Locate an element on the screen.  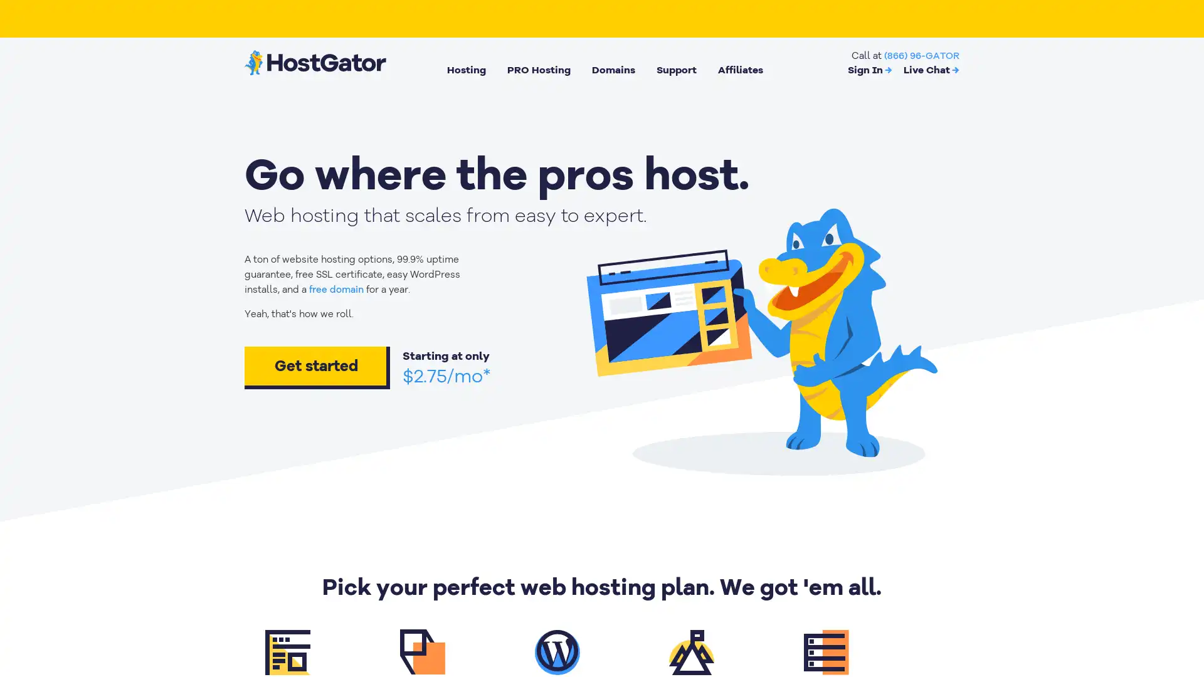
Got It is located at coordinates (127, 594).